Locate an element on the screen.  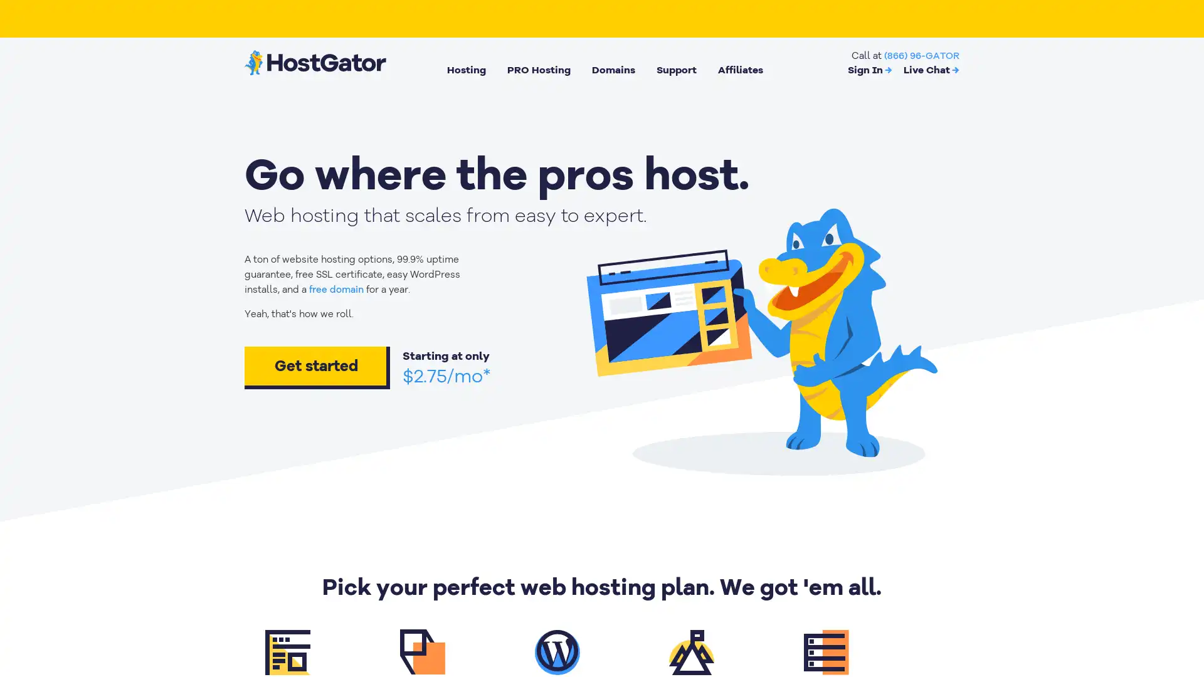
Got It is located at coordinates (127, 594).